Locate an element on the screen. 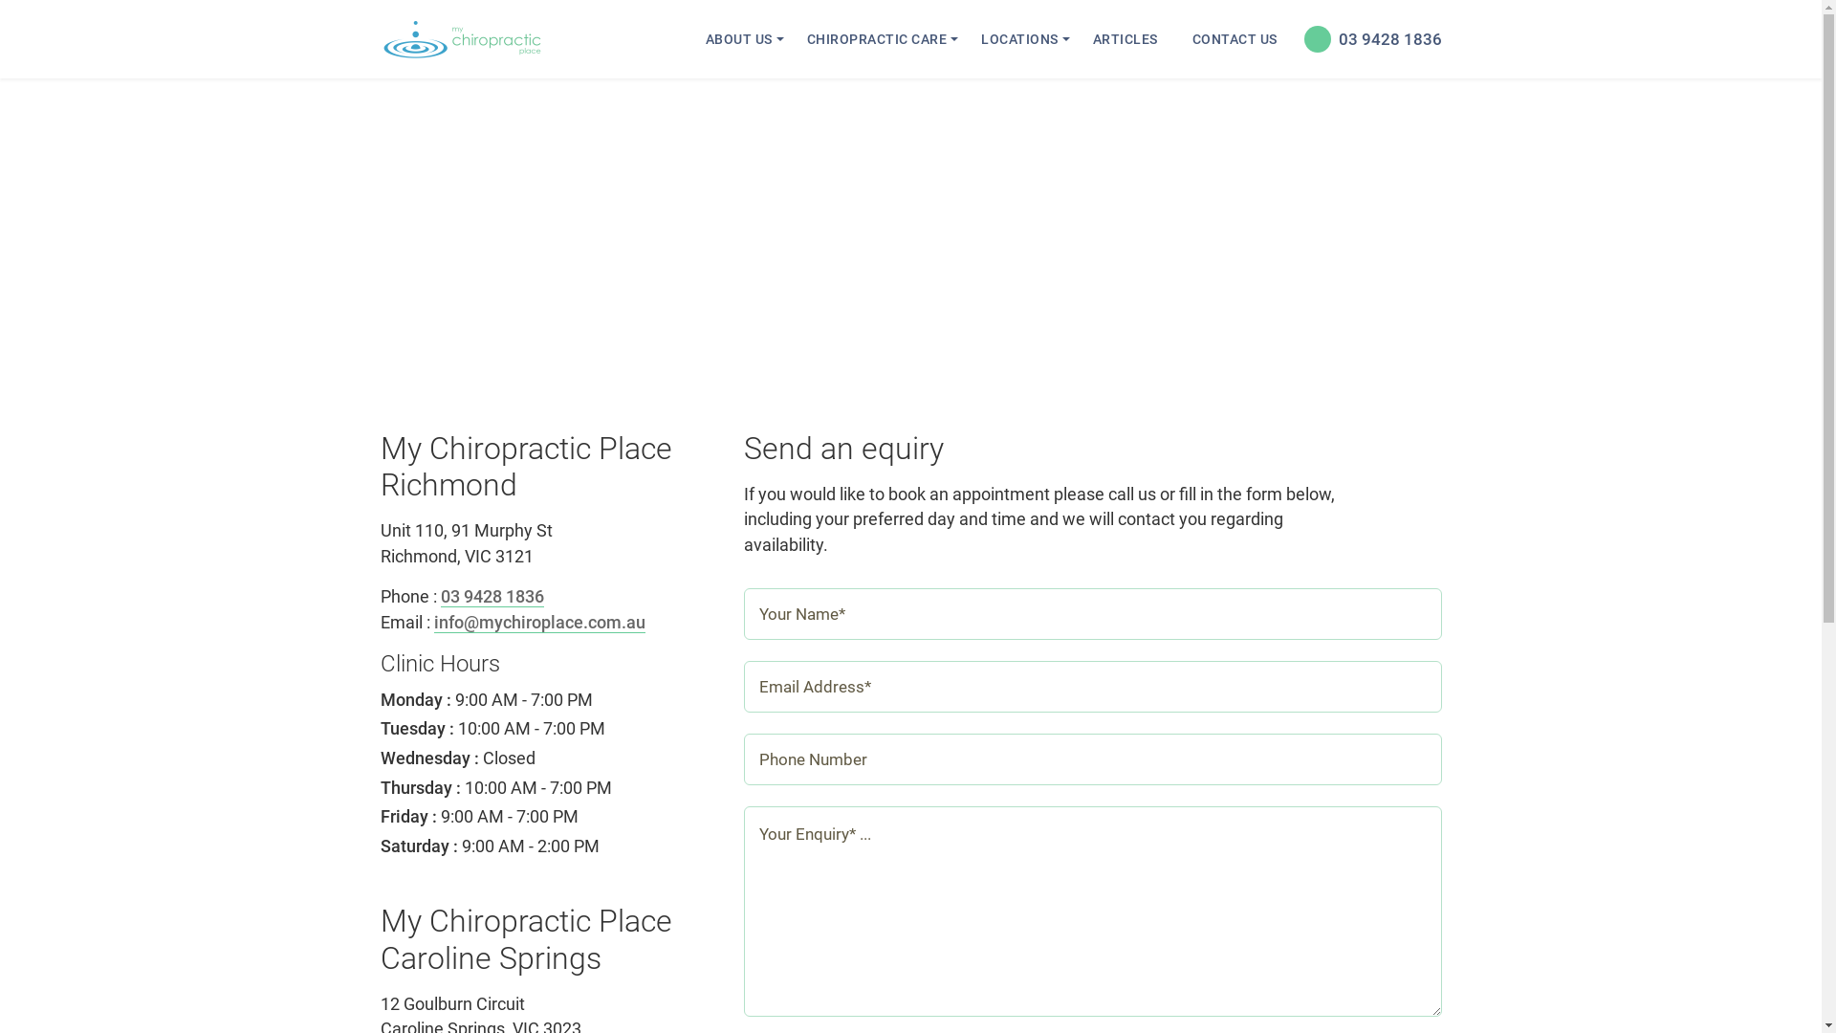 The width and height of the screenshot is (1836, 1033). 'CHIROPRACTIC CARE' is located at coordinates (795, 39).